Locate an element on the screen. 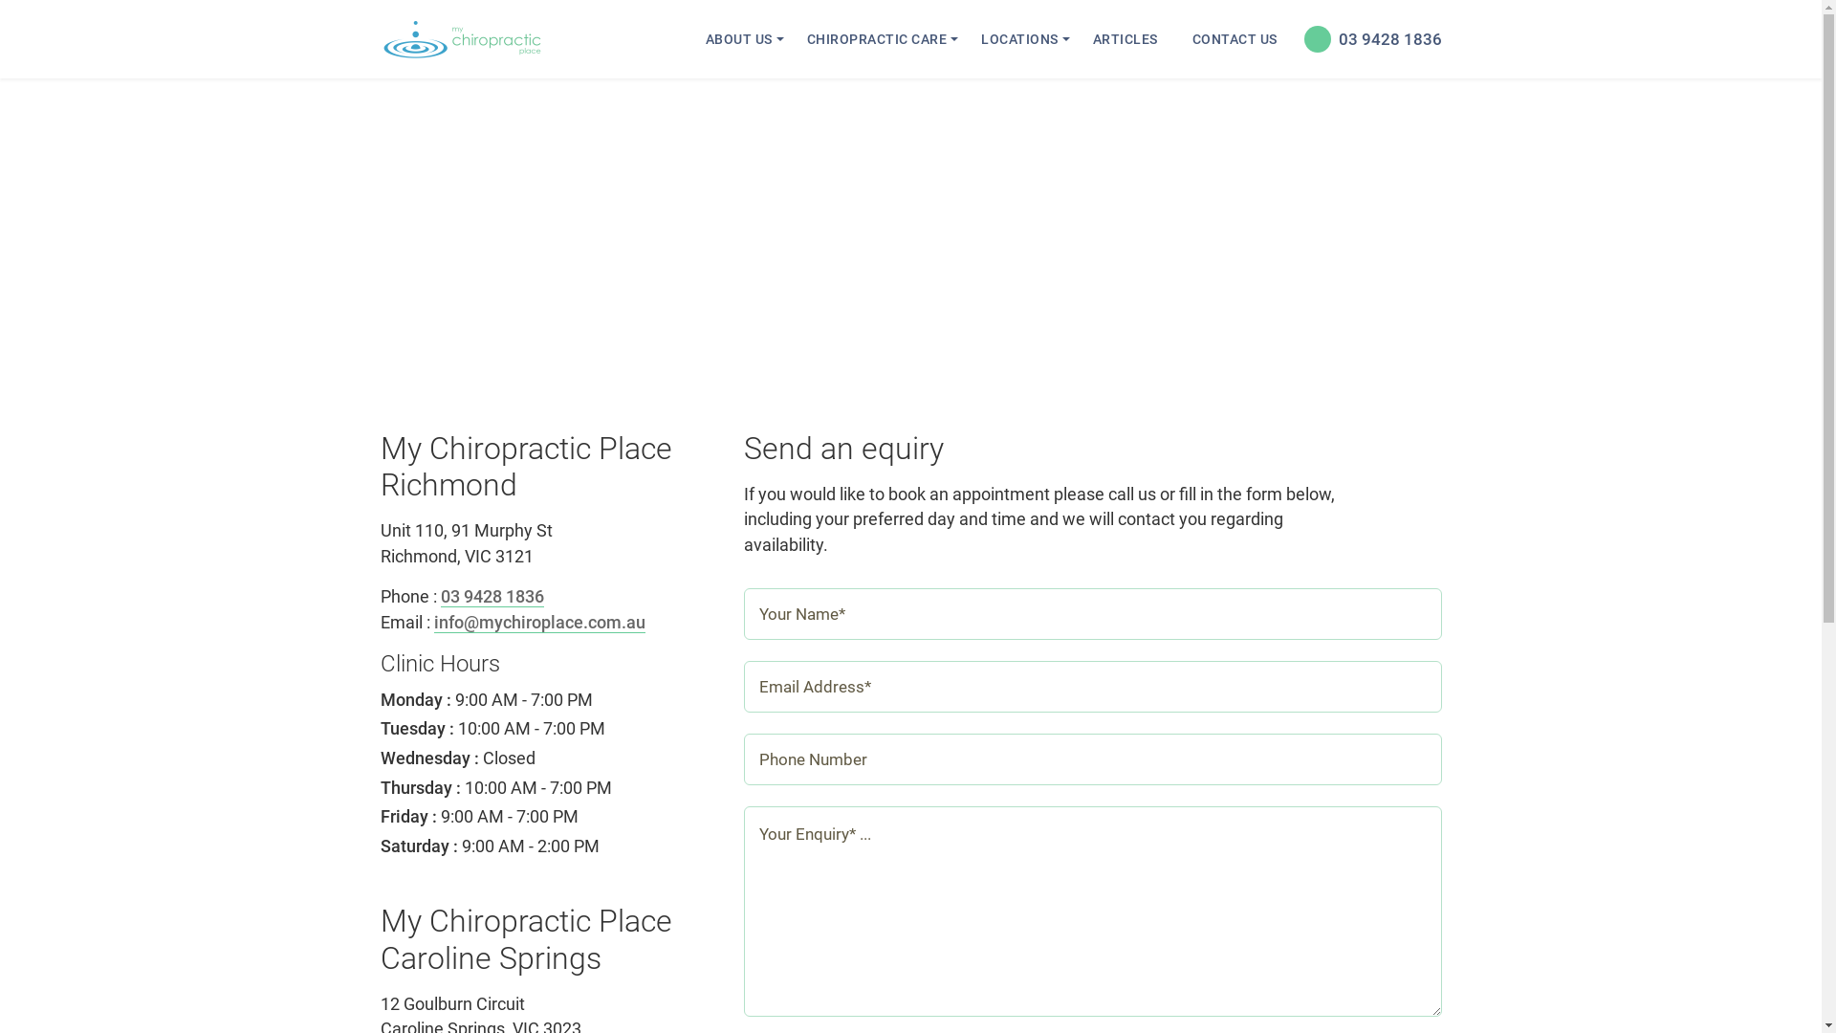 The width and height of the screenshot is (1836, 1033). 'CHIROPRACTIC CARE' is located at coordinates (795, 39).